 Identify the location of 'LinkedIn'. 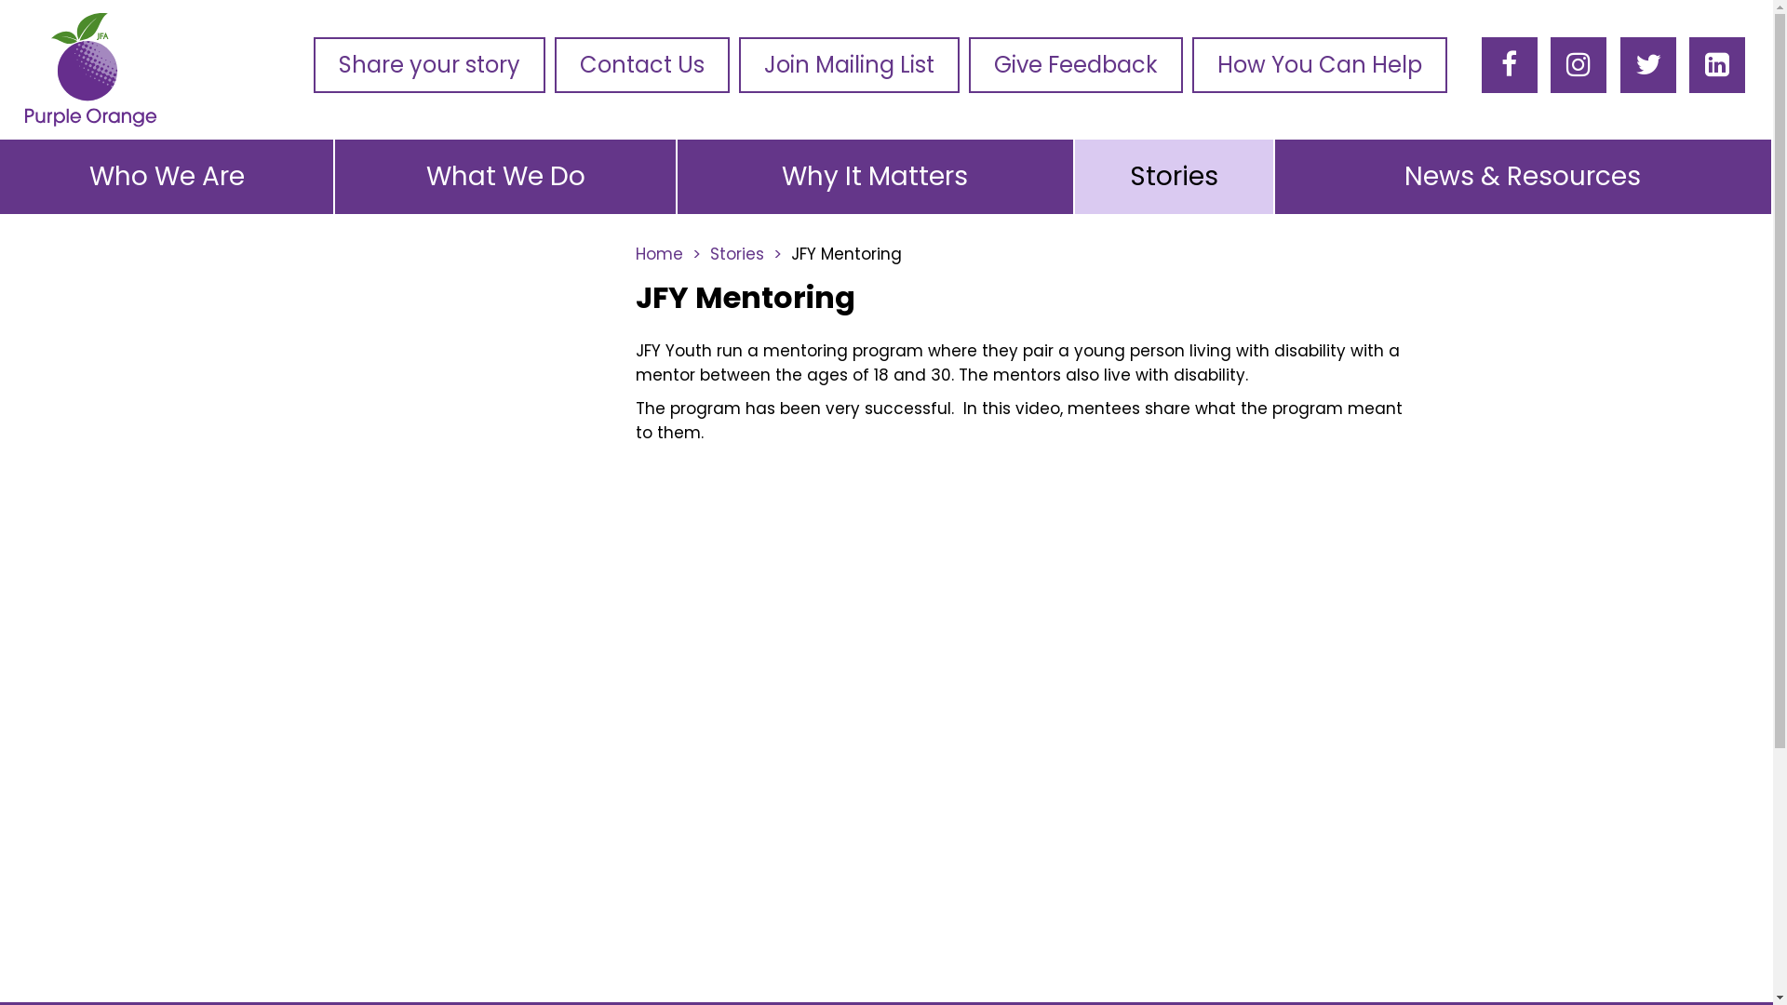
(1715, 63).